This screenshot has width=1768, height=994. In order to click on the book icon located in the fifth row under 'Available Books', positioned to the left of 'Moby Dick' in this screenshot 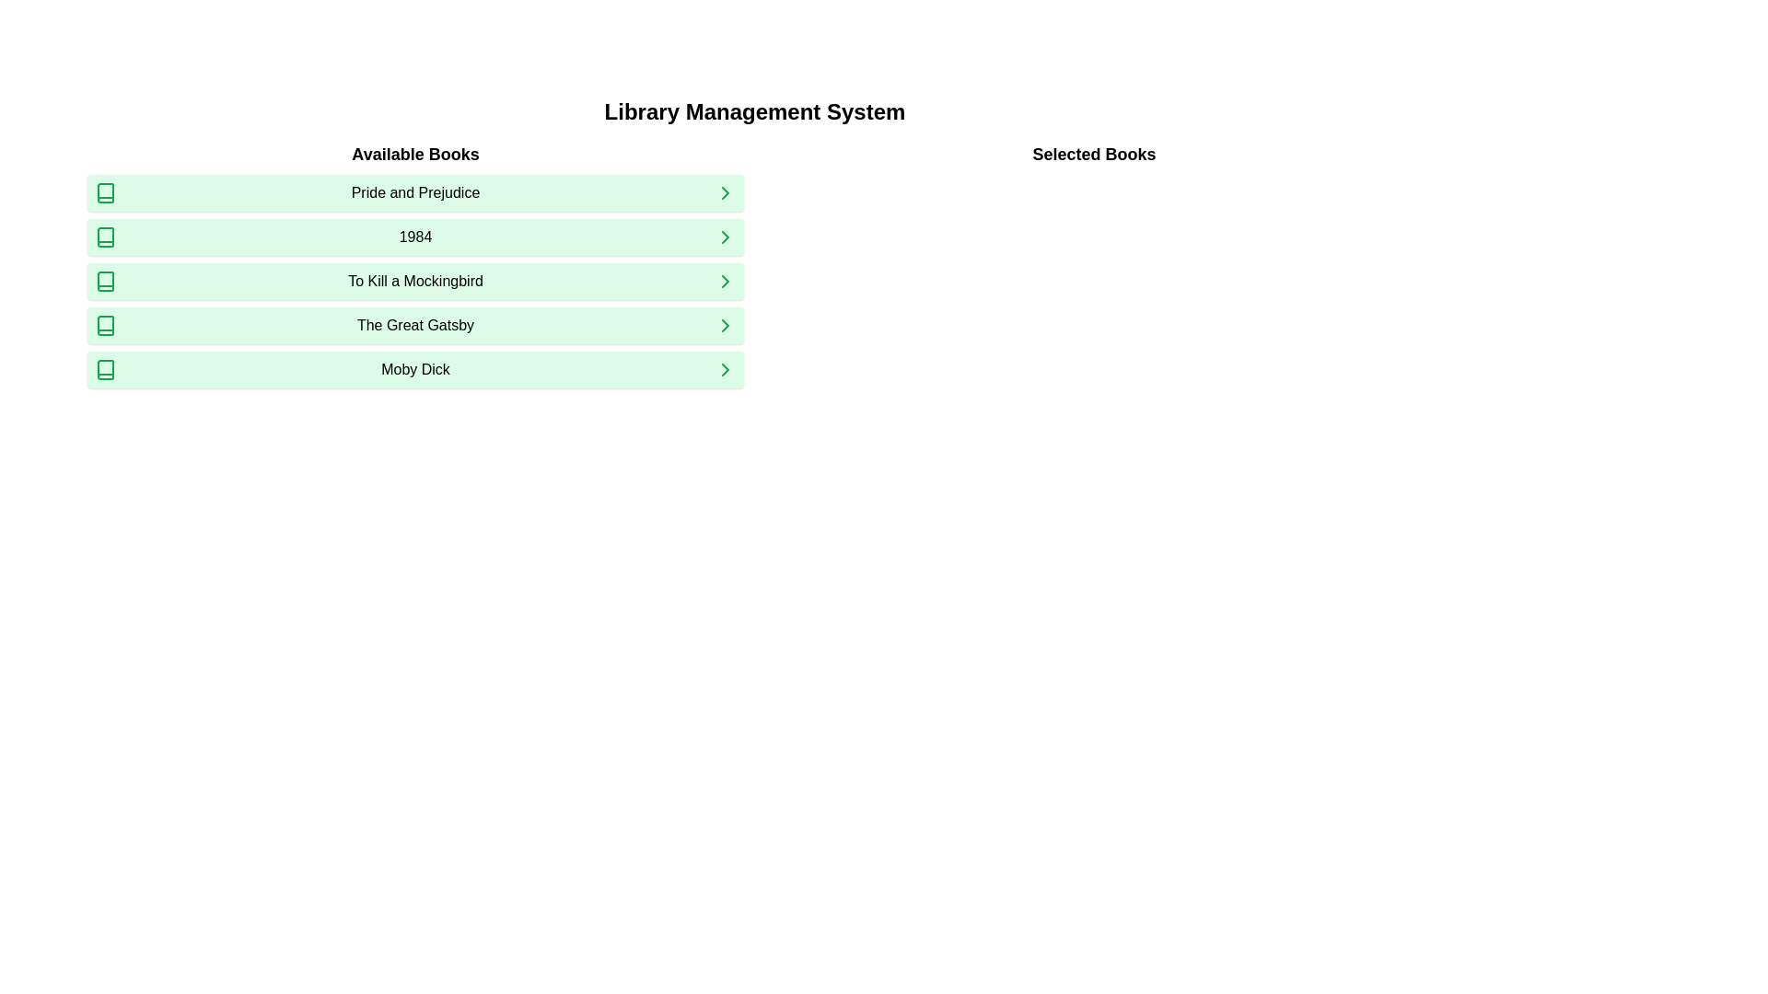, I will do `click(105, 369)`.